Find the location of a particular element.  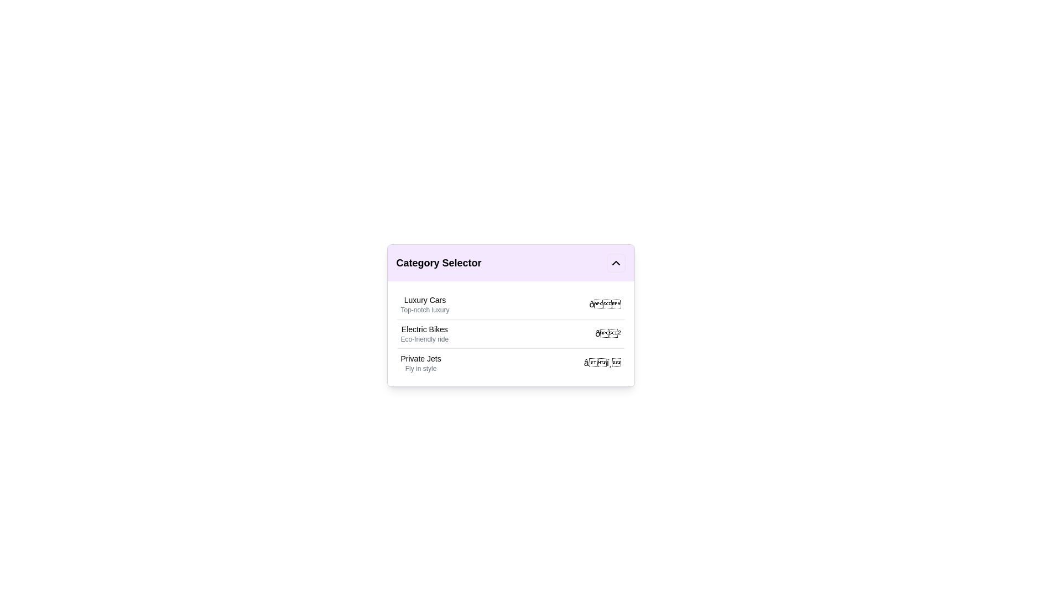

the text label that describes the 'Electric Bikes' option, positioned directly below the heading 'Electric Bikes' in the vertical list is located at coordinates (424, 338).